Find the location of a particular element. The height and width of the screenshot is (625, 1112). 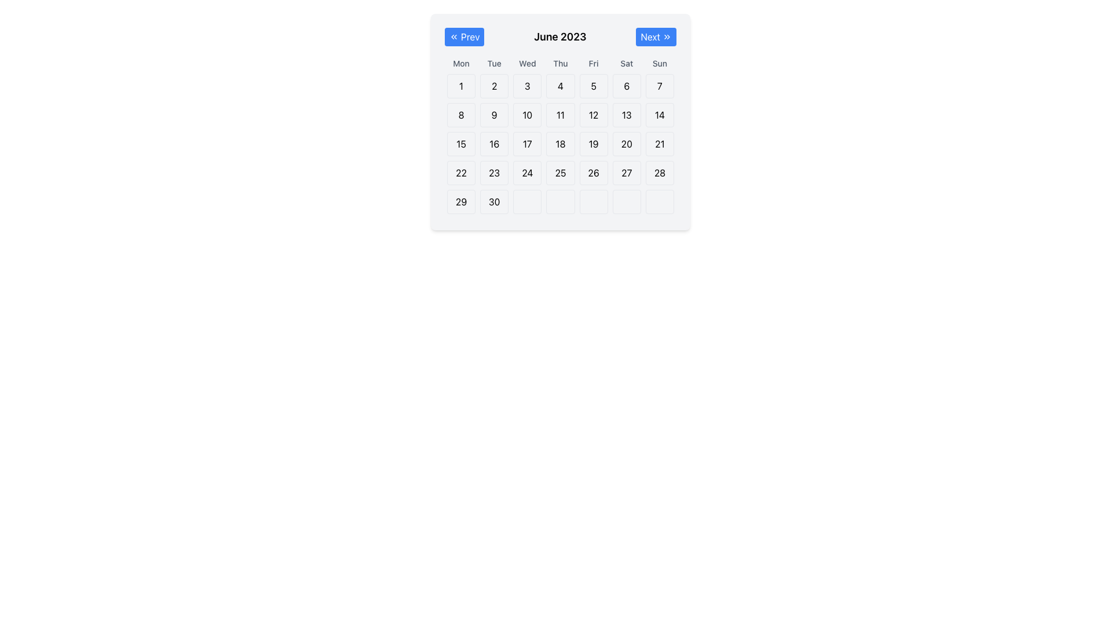

on the button displaying the number '24' in the calendar date grid is located at coordinates (526, 173).